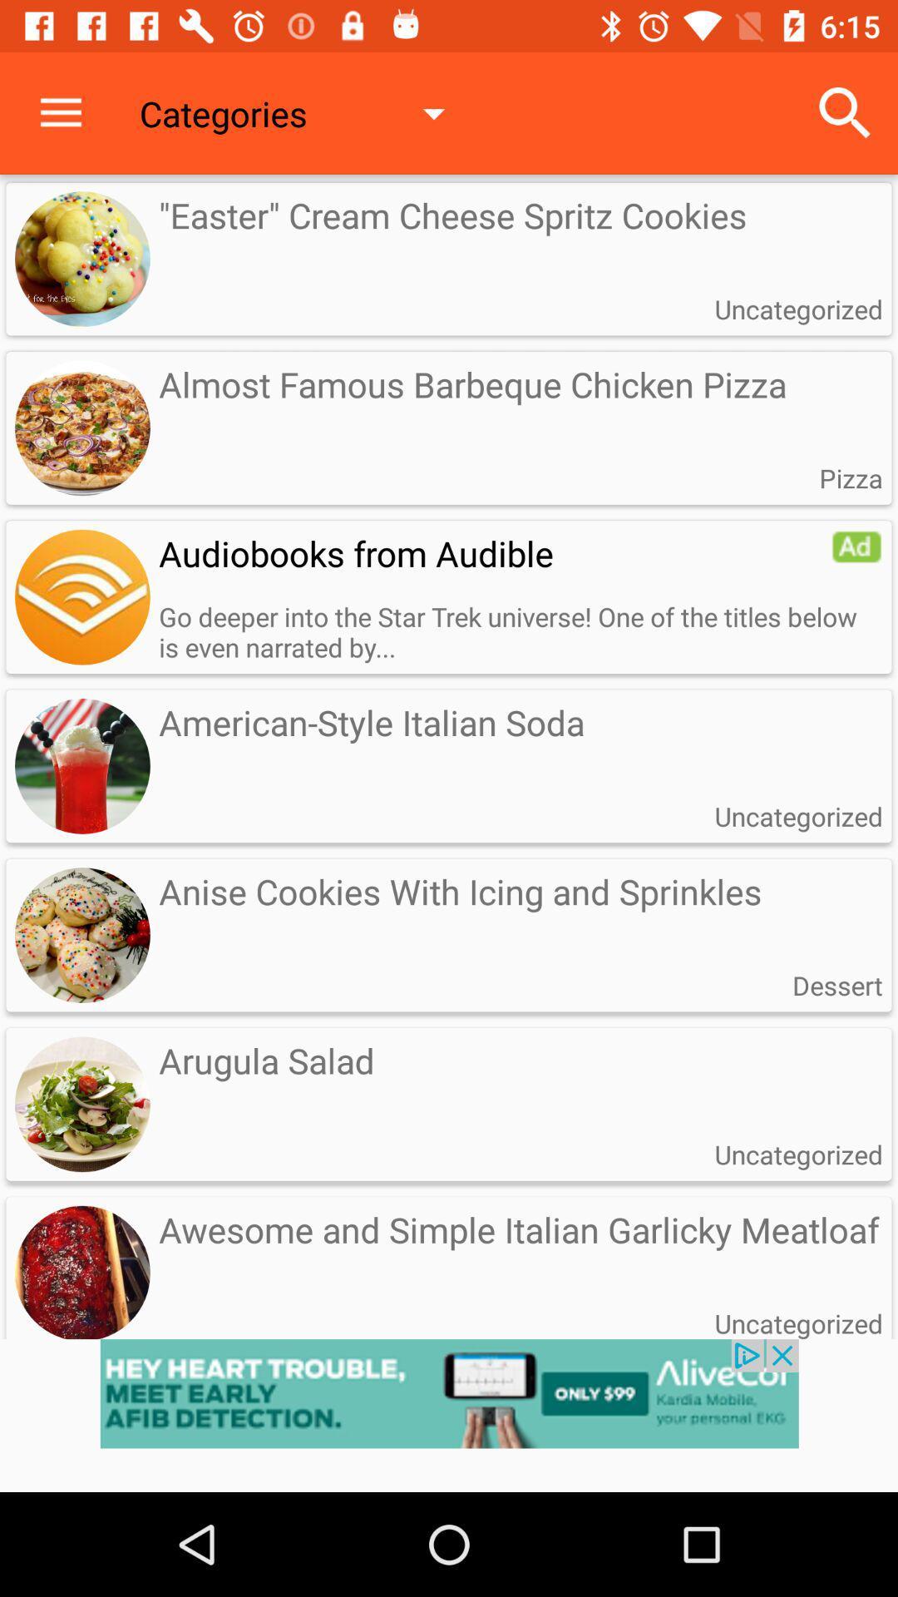 This screenshot has height=1597, width=898. What do you see at coordinates (856, 546) in the screenshot?
I see `advertisement option` at bounding box center [856, 546].